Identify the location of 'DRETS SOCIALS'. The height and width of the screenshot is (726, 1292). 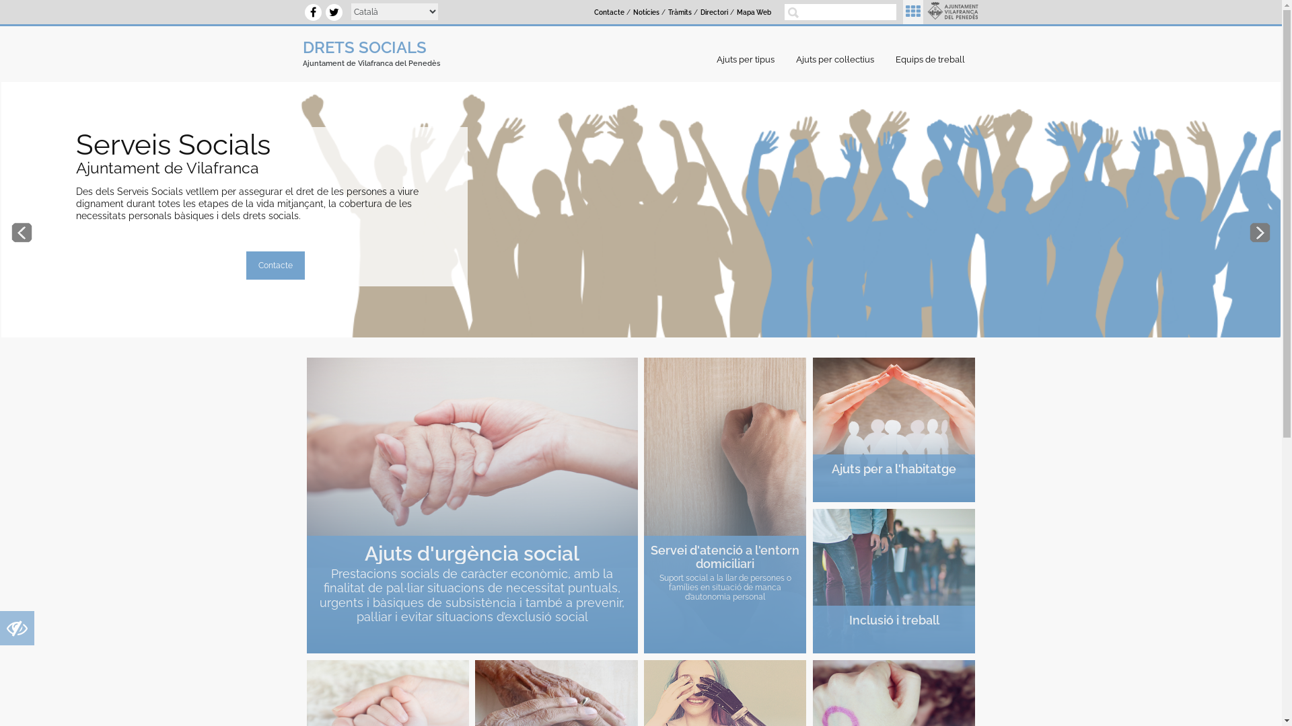
(365, 46).